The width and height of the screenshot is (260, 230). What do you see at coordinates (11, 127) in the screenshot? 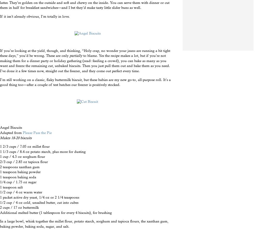
I see `'Angel Biscuits'` at bounding box center [11, 127].